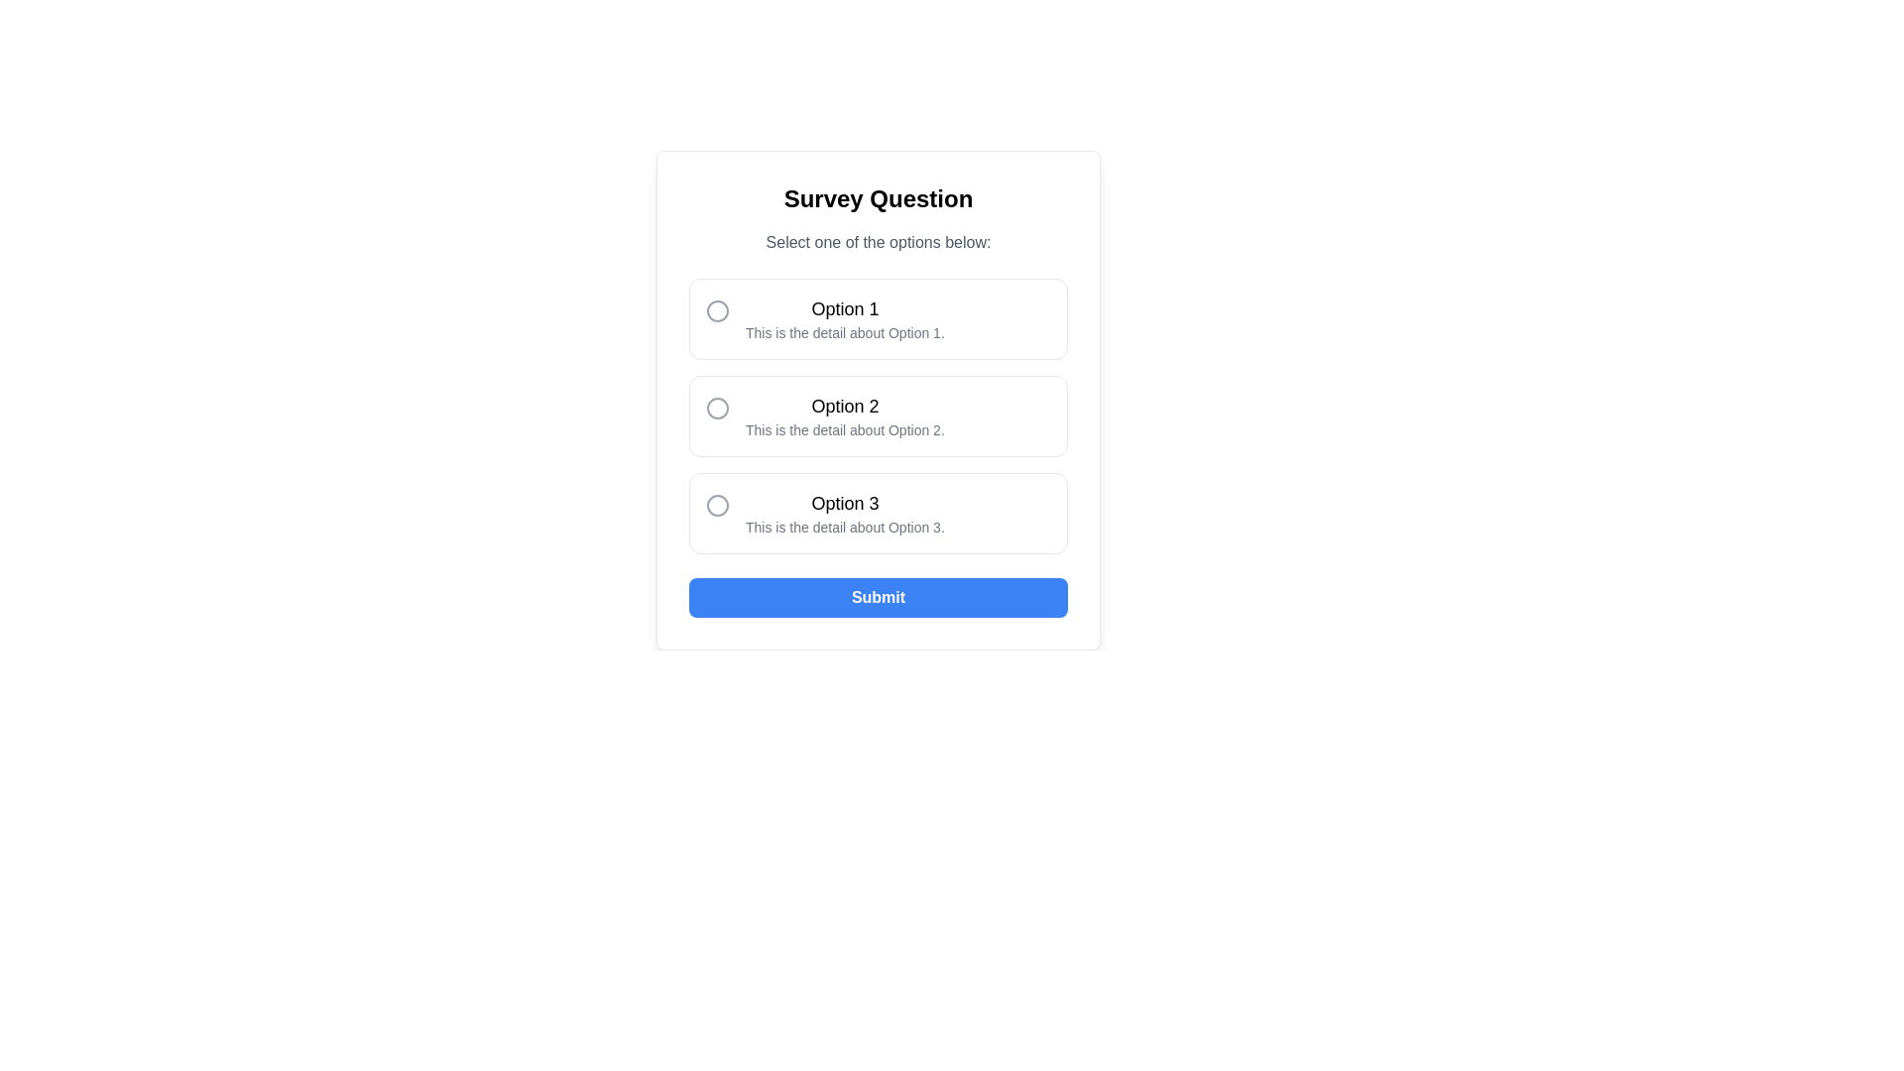  Describe the element at coordinates (845, 527) in the screenshot. I see `the static text label providing details about 'Option 3', which is located directly below the selectable option labeled 'Option 3'` at that location.